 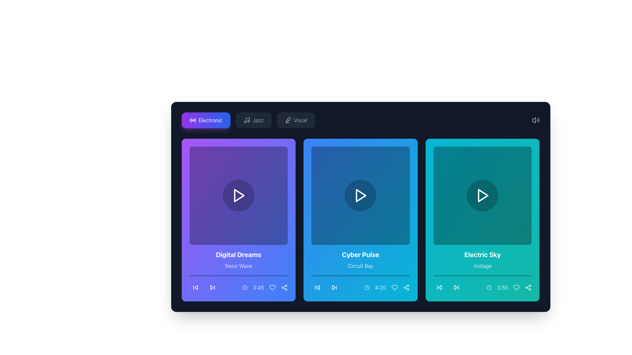 I want to click on the triangular 'skip back' button located in the bottom control toolbar of the first purple card, so click(x=195, y=287).